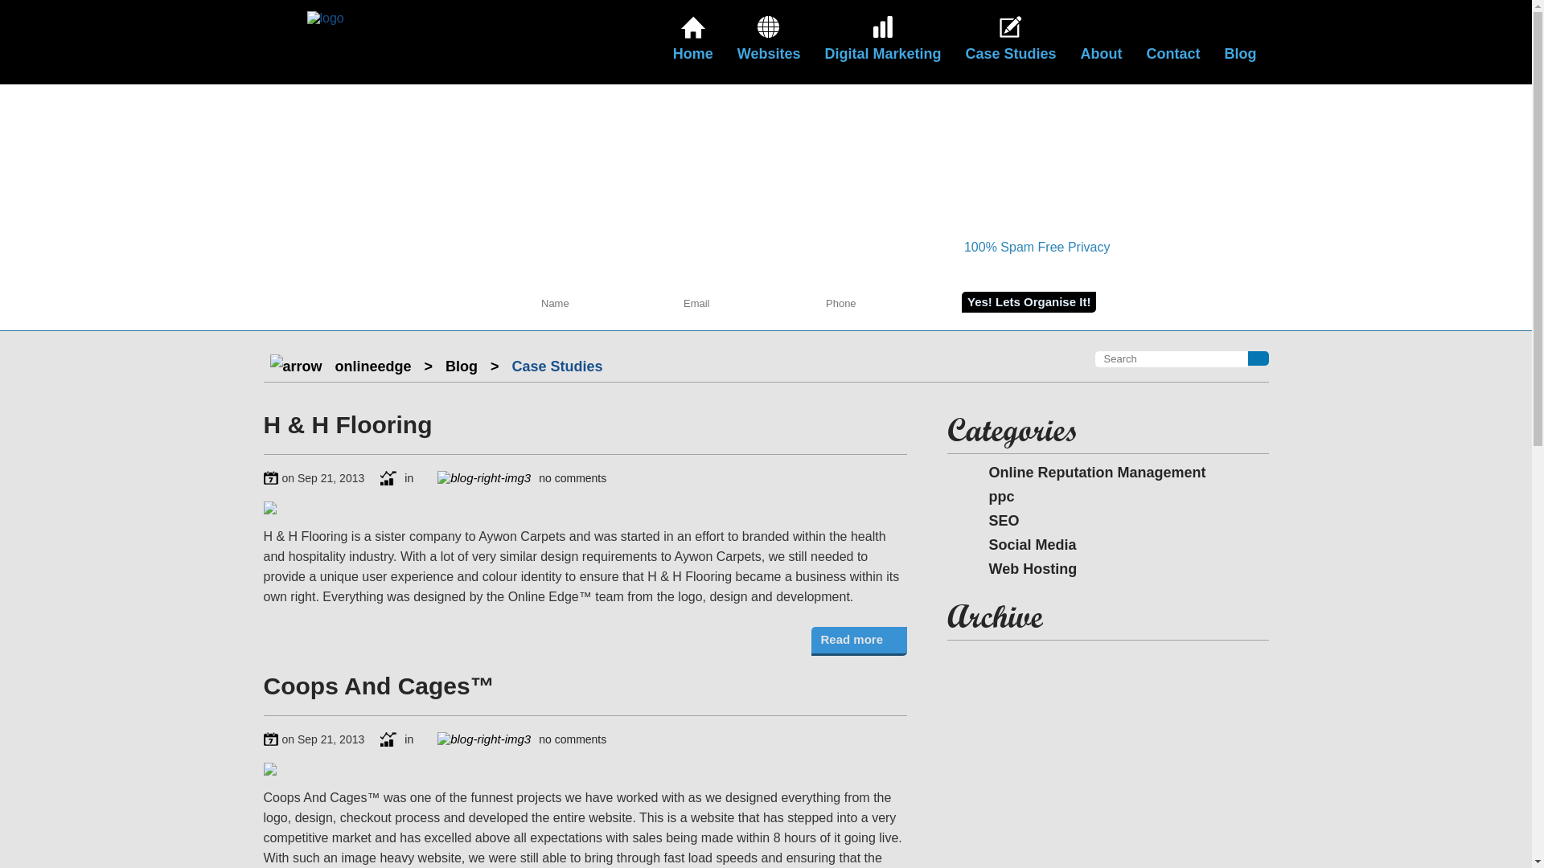 This screenshot has height=868, width=1544. What do you see at coordinates (1172, 41) in the screenshot?
I see `'Contact'` at bounding box center [1172, 41].